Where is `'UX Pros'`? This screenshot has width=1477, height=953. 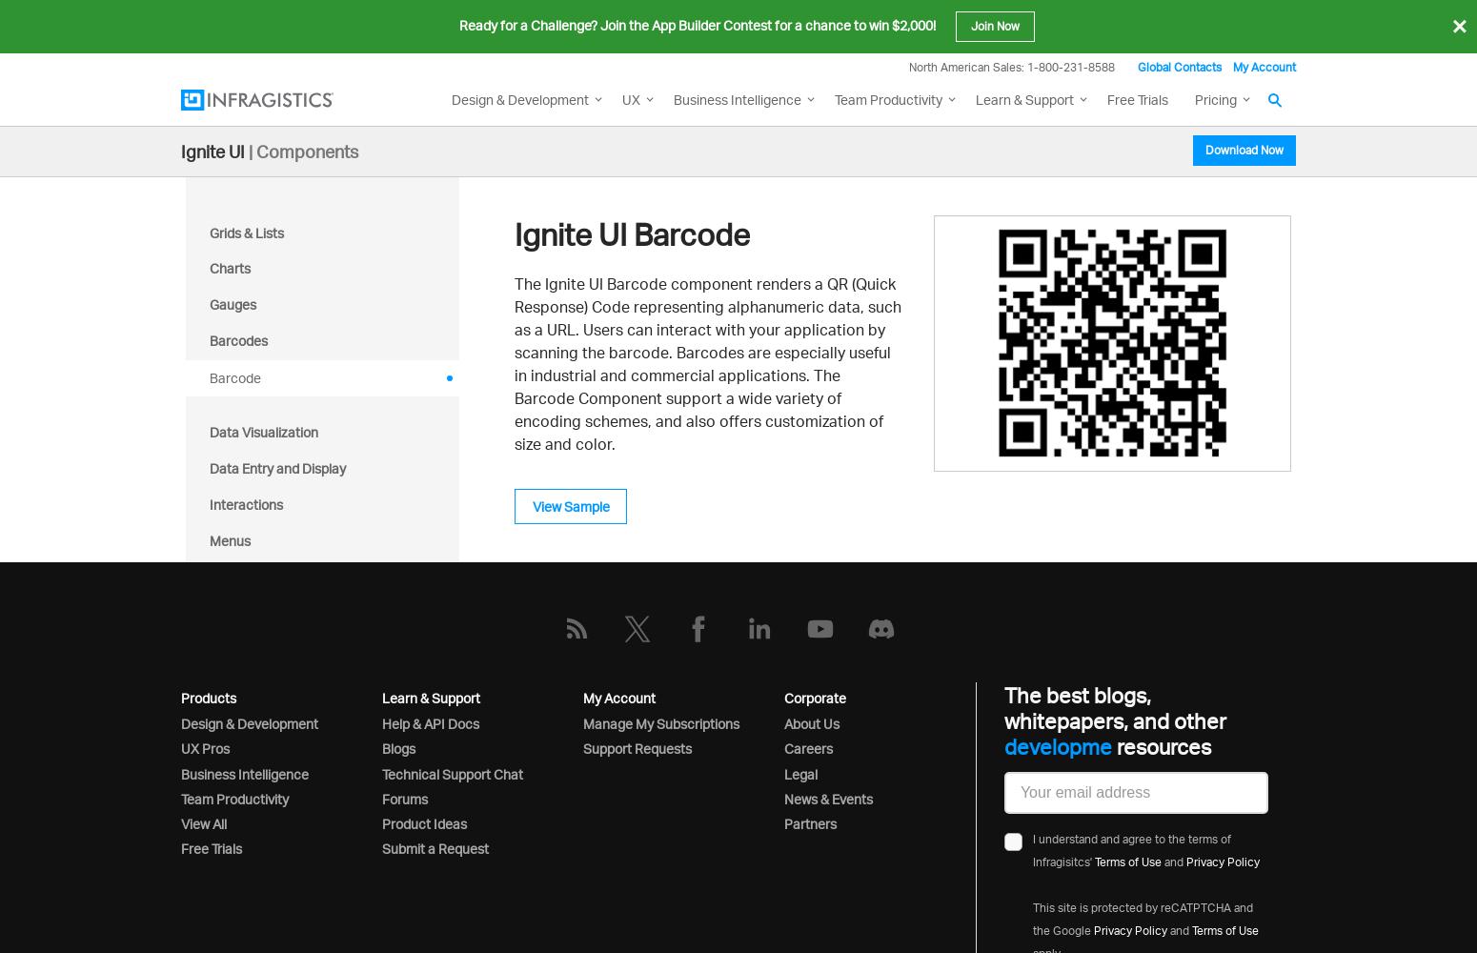
'UX Pros' is located at coordinates (204, 748).